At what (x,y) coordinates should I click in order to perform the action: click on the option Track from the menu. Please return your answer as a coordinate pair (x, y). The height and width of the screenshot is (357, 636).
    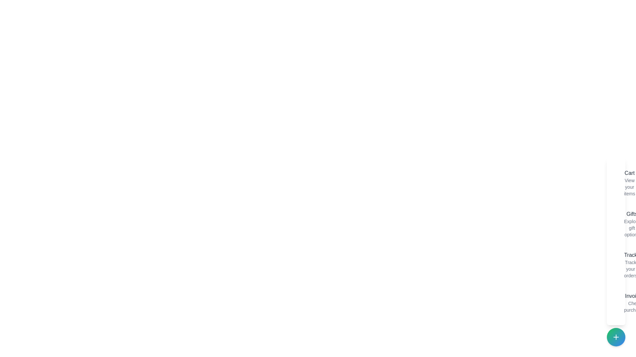
    Looking at the image, I should click on (618, 265).